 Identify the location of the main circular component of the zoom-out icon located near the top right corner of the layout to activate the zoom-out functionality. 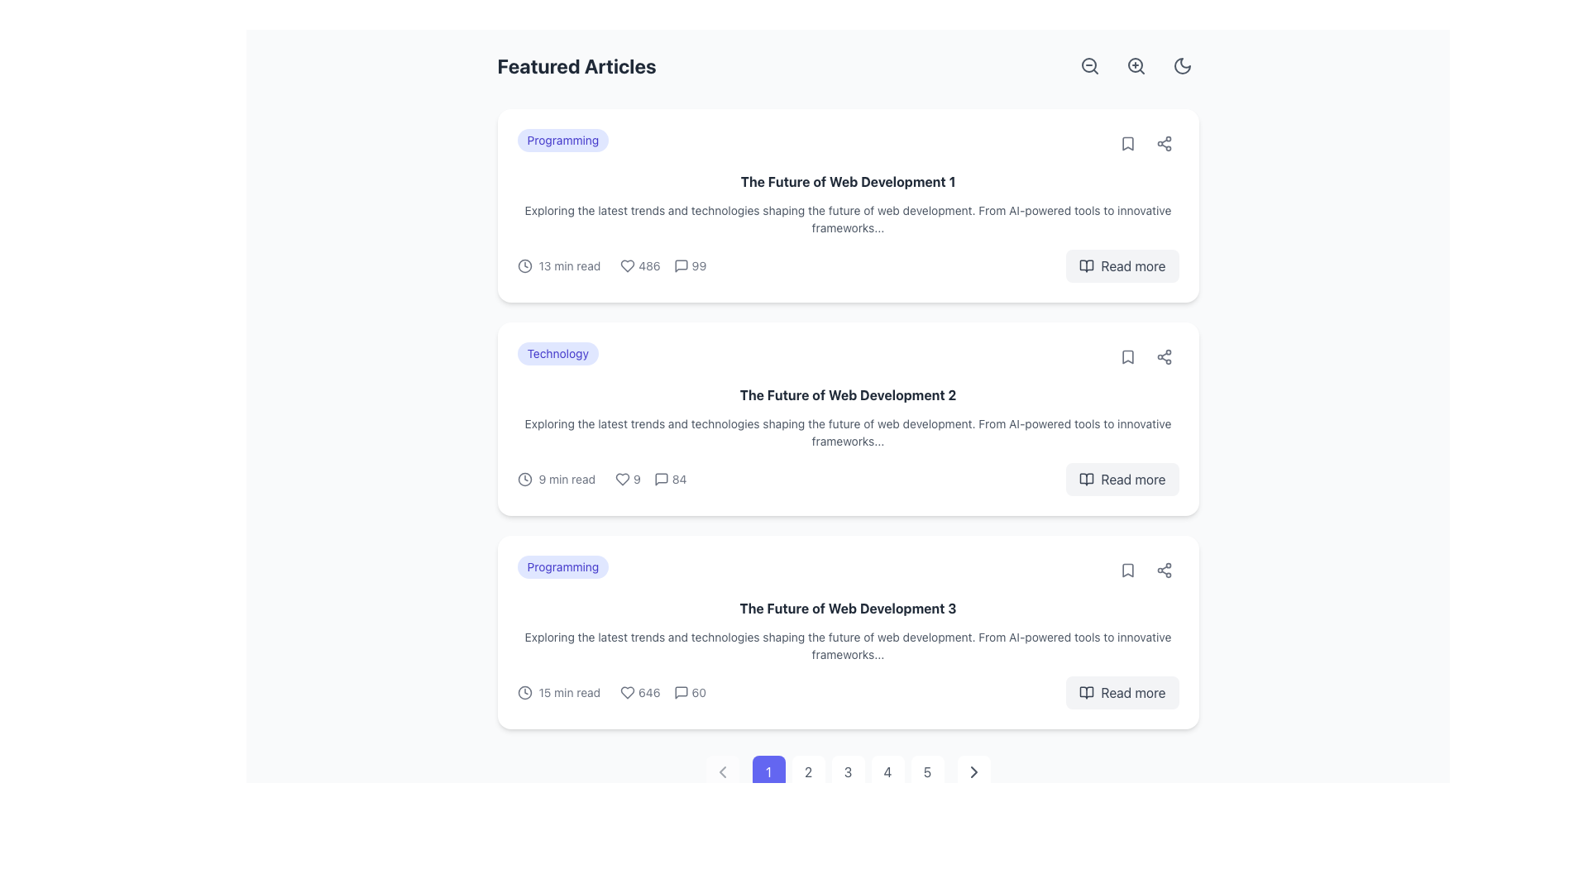
(1088, 64).